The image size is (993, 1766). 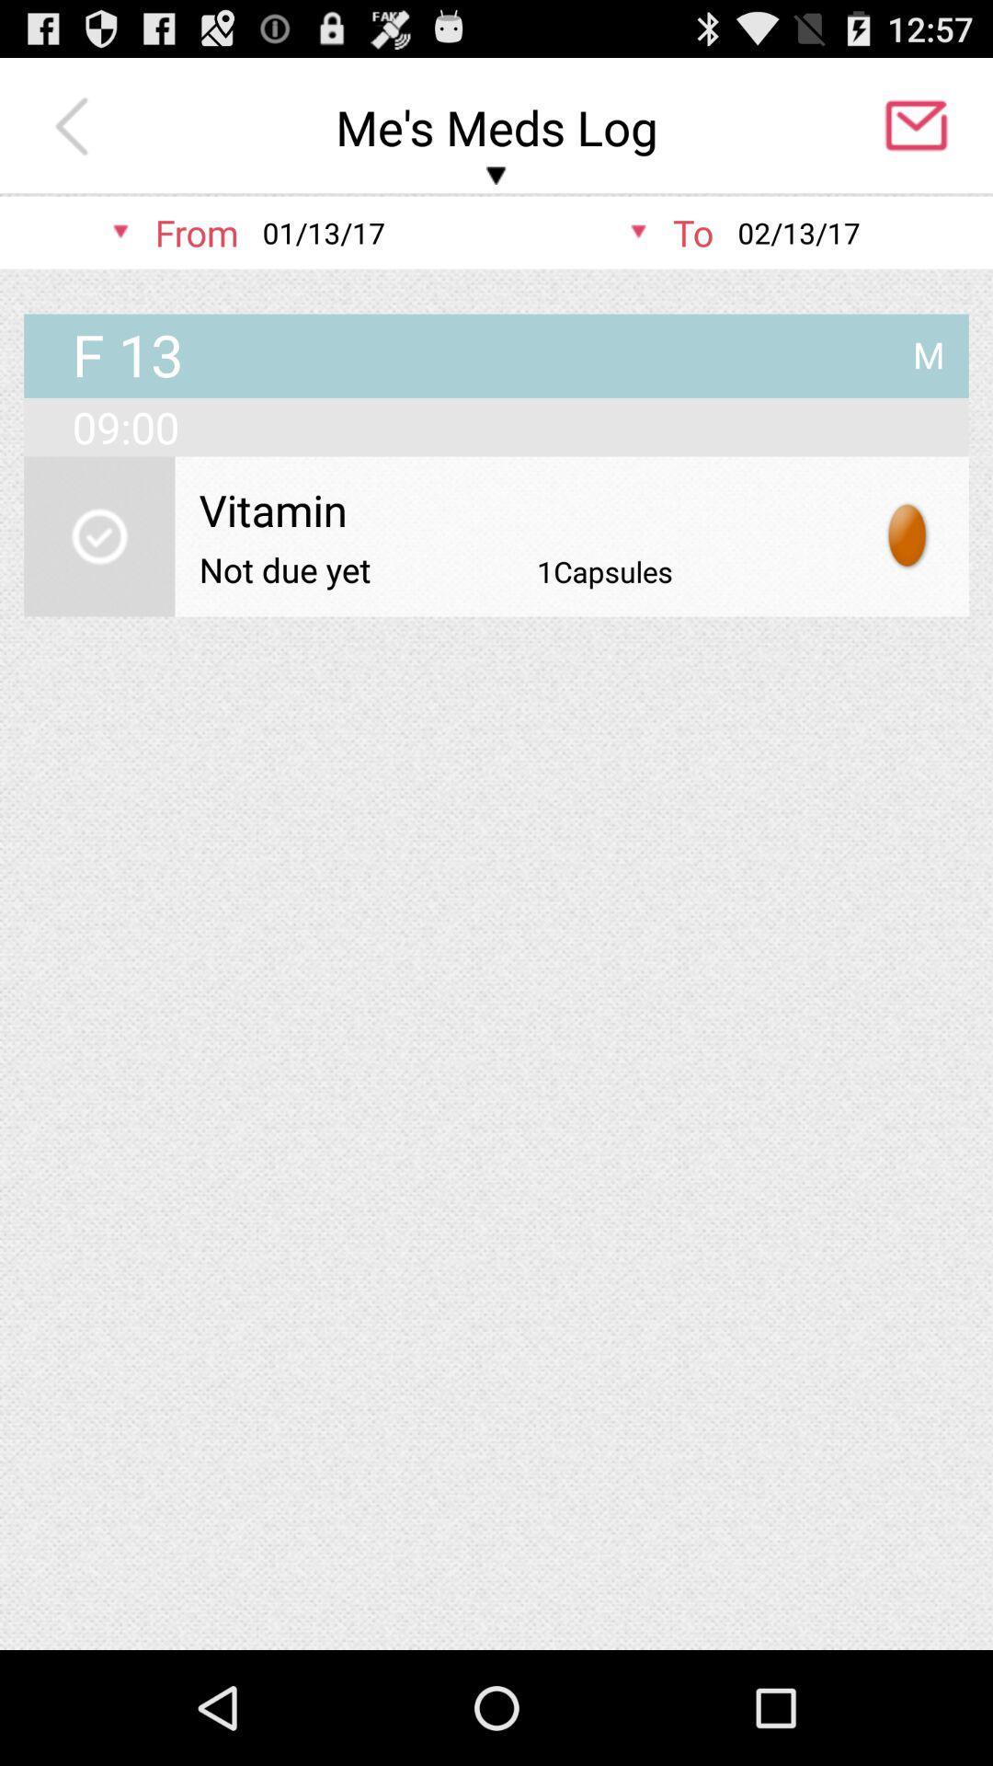 I want to click on the arrow_backward icon, so click(x=75, y=135).